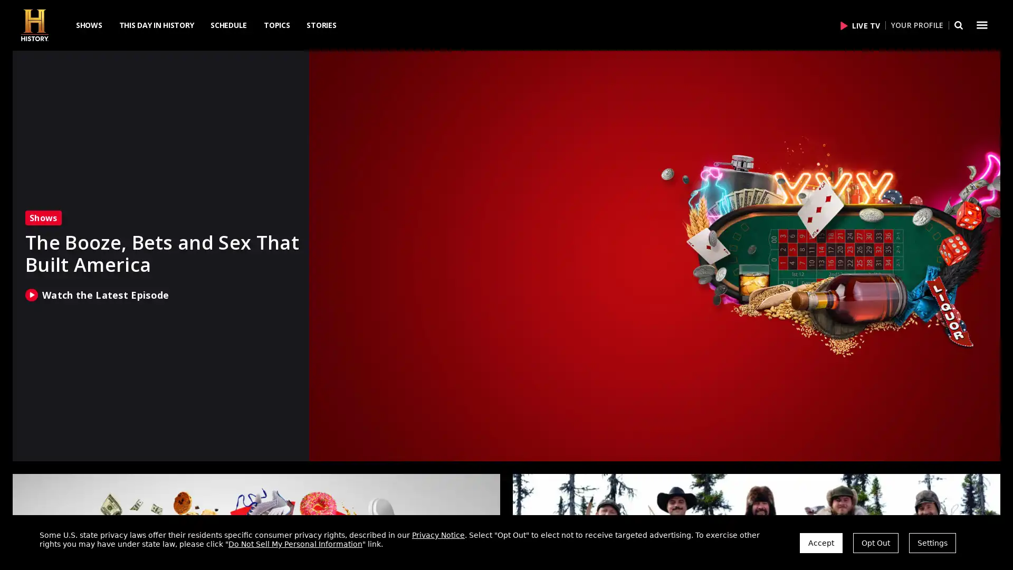 The width and height of the screenshot is (1013, 570). Describe the element at coordinates (916, 24) in the screenshot. I see `YOUR PROFILE` at that location.